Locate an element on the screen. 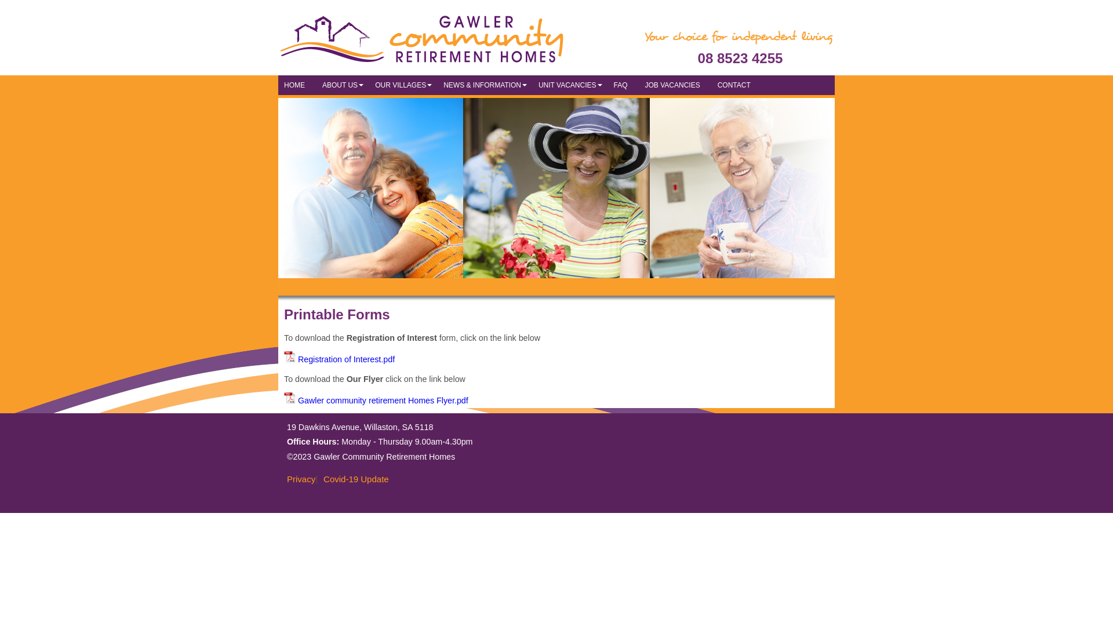 This screenshot has width=1113, height=626. 'Covid-19 Update' is located at coordinates (352, 479).